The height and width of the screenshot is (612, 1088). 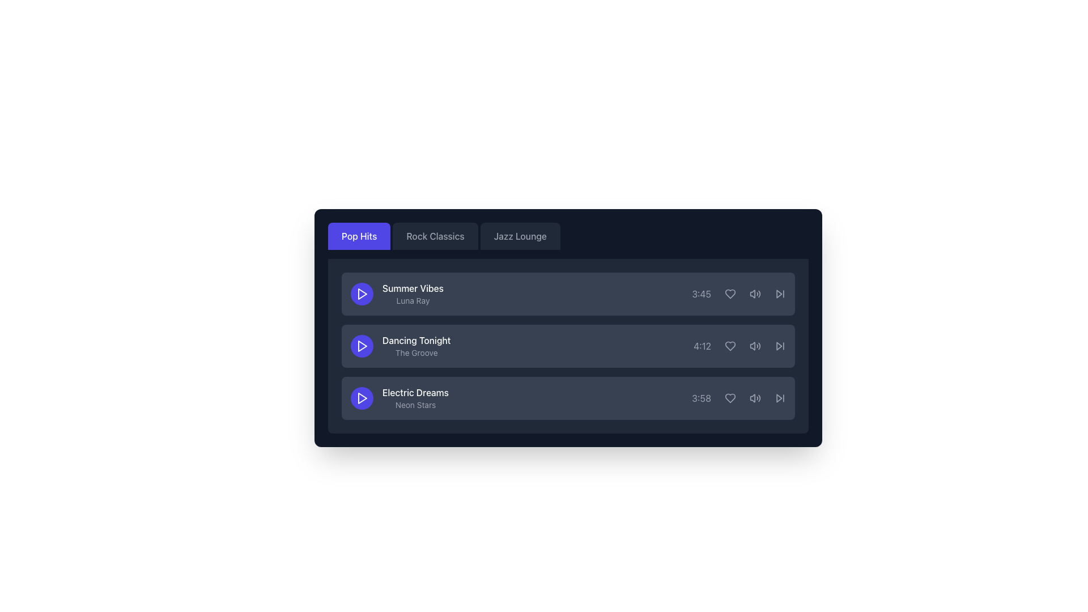 I want to click on the gray-colored text displaying the duration '4:12' for the song 'Dancing Tonight' by 'The Groove', located in the second row of the playlist, so click(x=702, y=345).